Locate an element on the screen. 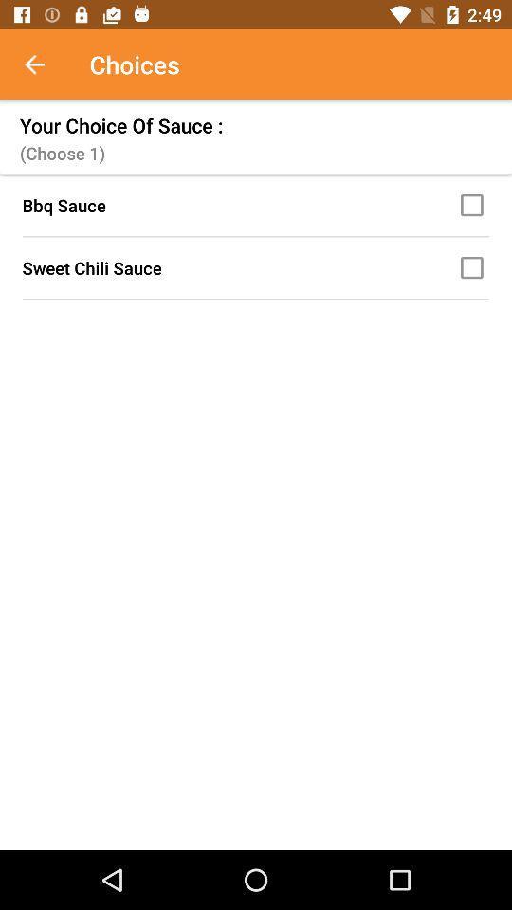 The image size is (512, 910). icon above the your choice of is located at coordinates (45, 64).